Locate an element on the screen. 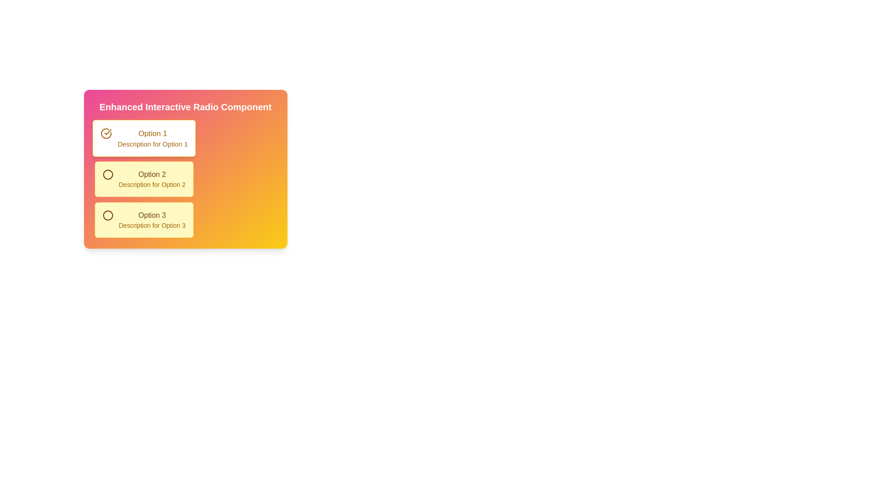  the text label 'Description for Option 3' which provides additional descriptive information for the third option within the radio component, located below 'Option 3' is located at coordinates (152, 225).